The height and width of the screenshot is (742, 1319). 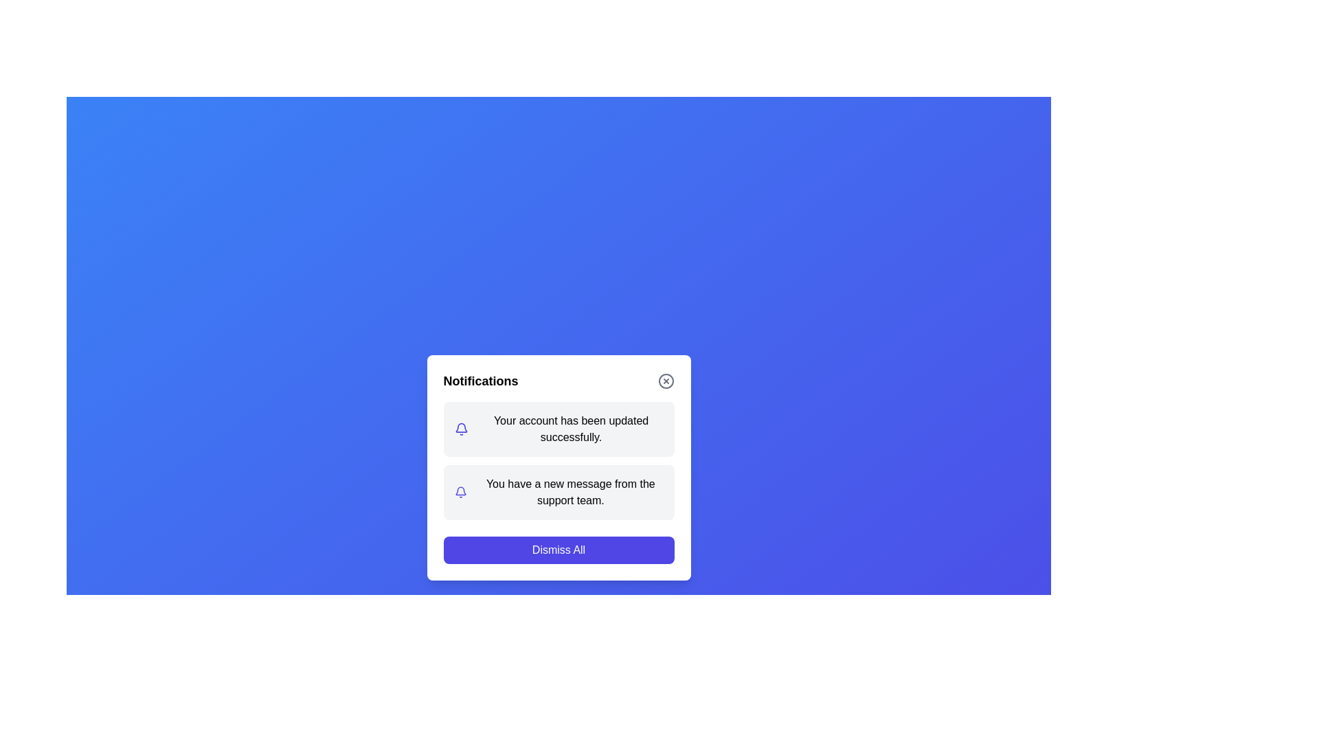 What do you see at coordinates (571, 428) in the screenshot?
I see `the static text notification label that states 'Your account has been updated successfully.' It is styled with a plain black font on a light-gray background and is located in the middle portion of the notification modal` at bounding box center [571, 428].